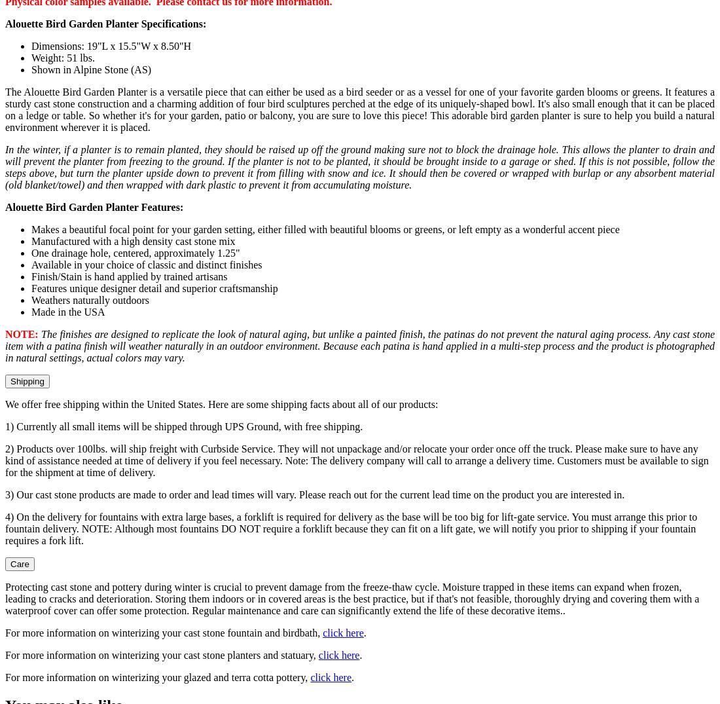 The width and height of the screenshot is (720, 704). What do you see at coordinates (5, 345) in the screenshot?
I see `'The finishes are designed to replicate the look of natural aging, but unlike a painted finish, the patinas do not prevent the natural aging process. Any cast stone item with a patina finish will weather naturally in an outdoor environment. Because each patina is hand applied in a multi-step process and the product is photographed in natural settings, actual colors may vary.'` at bounding box center [5, 345].